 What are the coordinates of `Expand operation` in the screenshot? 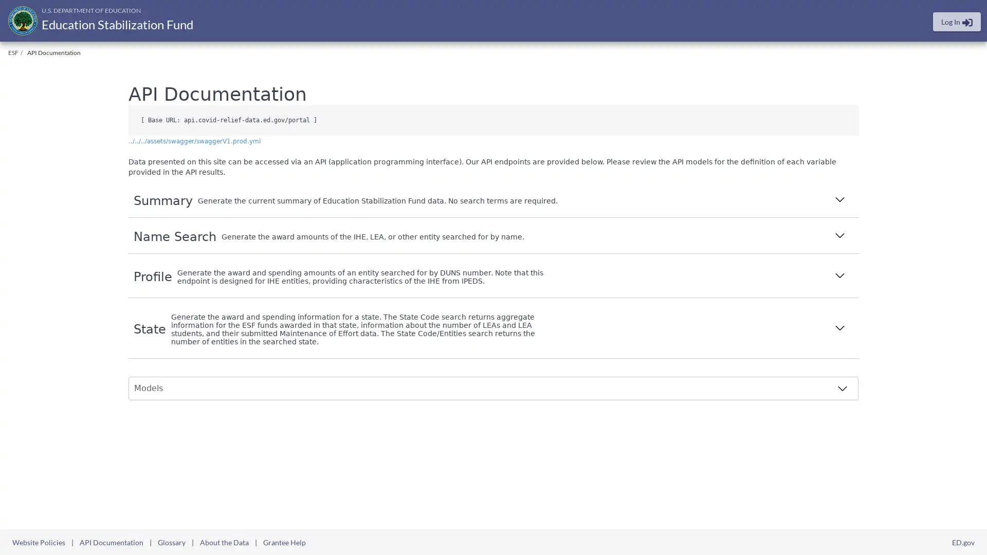 It's located at (839, 200).